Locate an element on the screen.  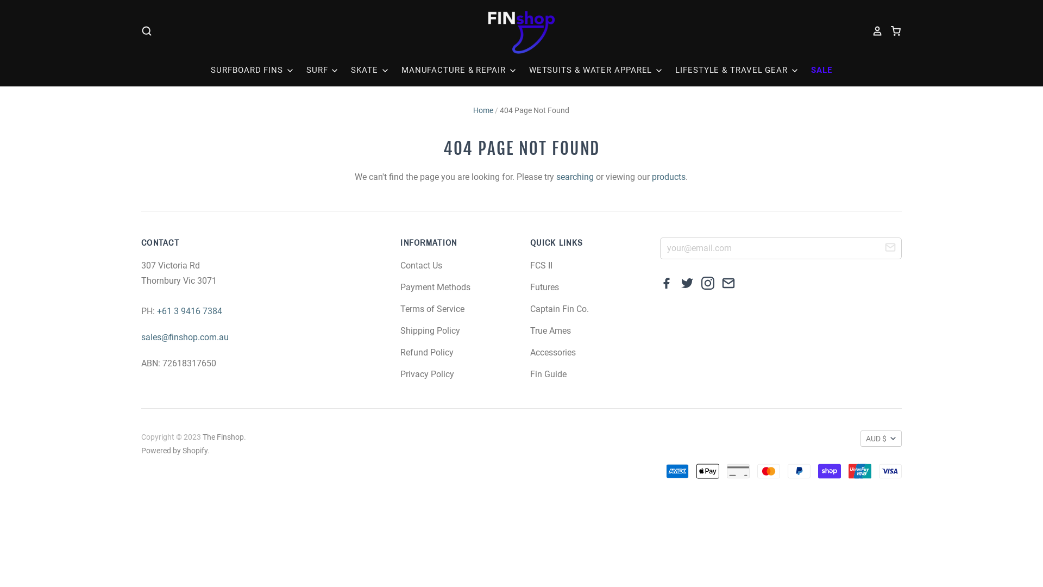
'SALE' is located at coordinates (816, 70).